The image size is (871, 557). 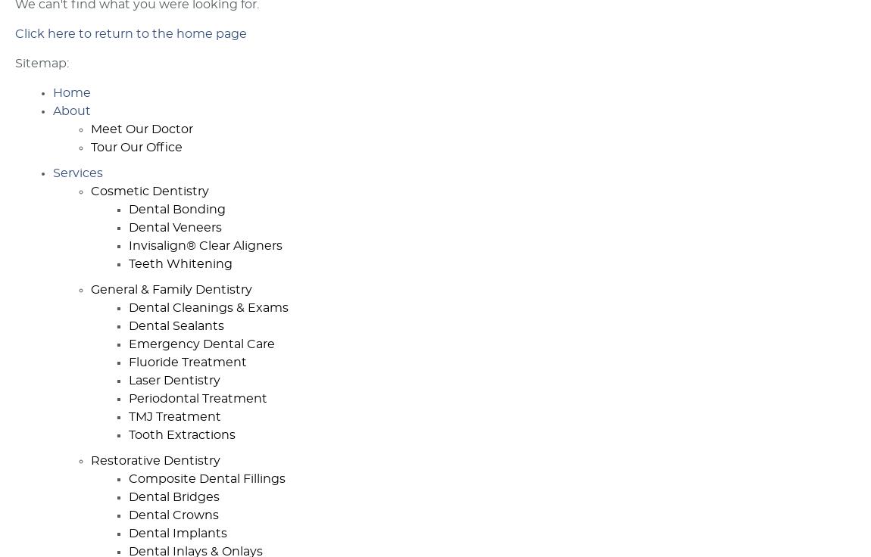 What do you see at coordinates (170, 289) in the screenshot?
I see `'General & Family Dentistry'` at bounding box center [170, 289].